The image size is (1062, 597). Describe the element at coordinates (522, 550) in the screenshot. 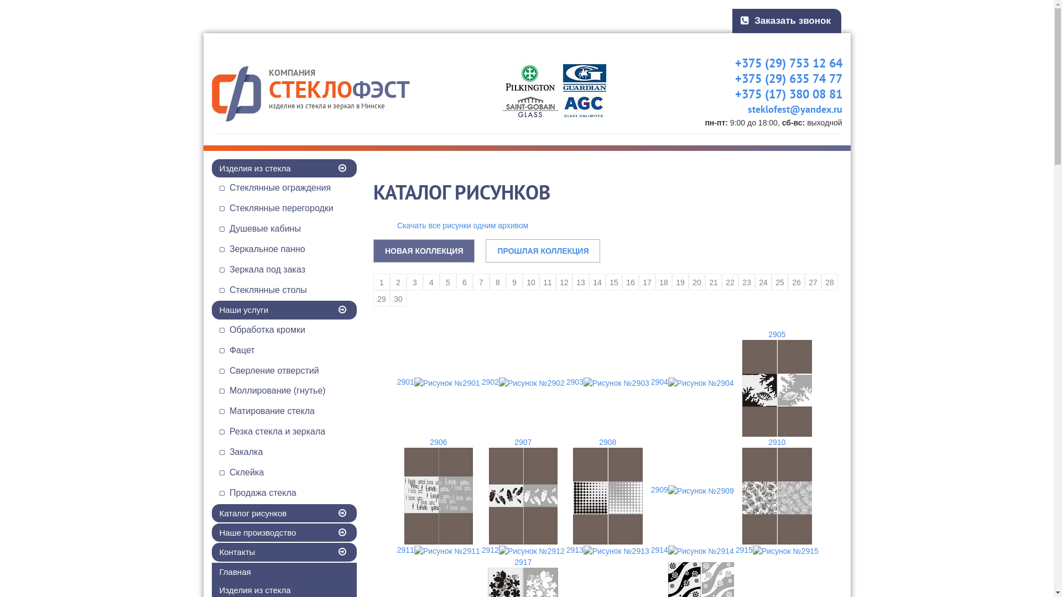

I see `'2912'` at that location.